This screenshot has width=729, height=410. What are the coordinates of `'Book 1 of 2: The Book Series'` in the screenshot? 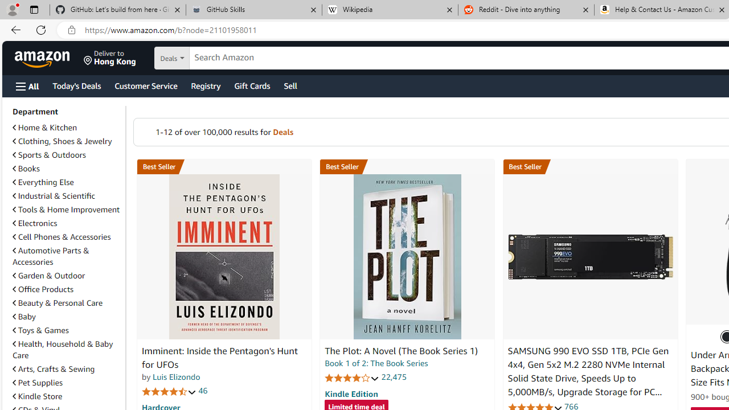 It's located at (376, 363).